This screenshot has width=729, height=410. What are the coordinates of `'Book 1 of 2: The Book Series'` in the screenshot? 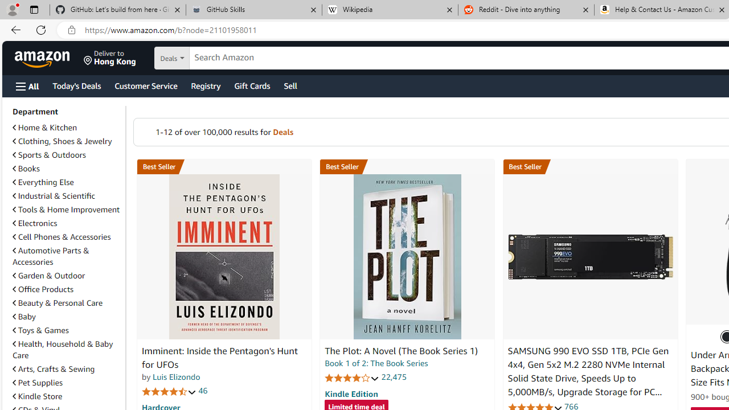 It's located at (376, 363).